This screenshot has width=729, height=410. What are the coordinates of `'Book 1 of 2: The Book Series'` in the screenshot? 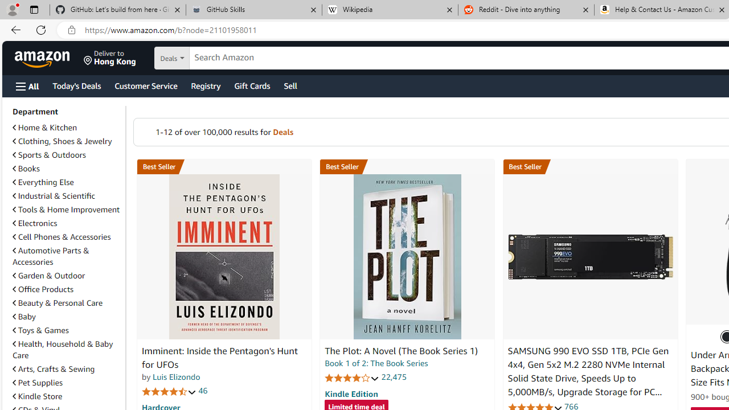 It's located at (376, 363).